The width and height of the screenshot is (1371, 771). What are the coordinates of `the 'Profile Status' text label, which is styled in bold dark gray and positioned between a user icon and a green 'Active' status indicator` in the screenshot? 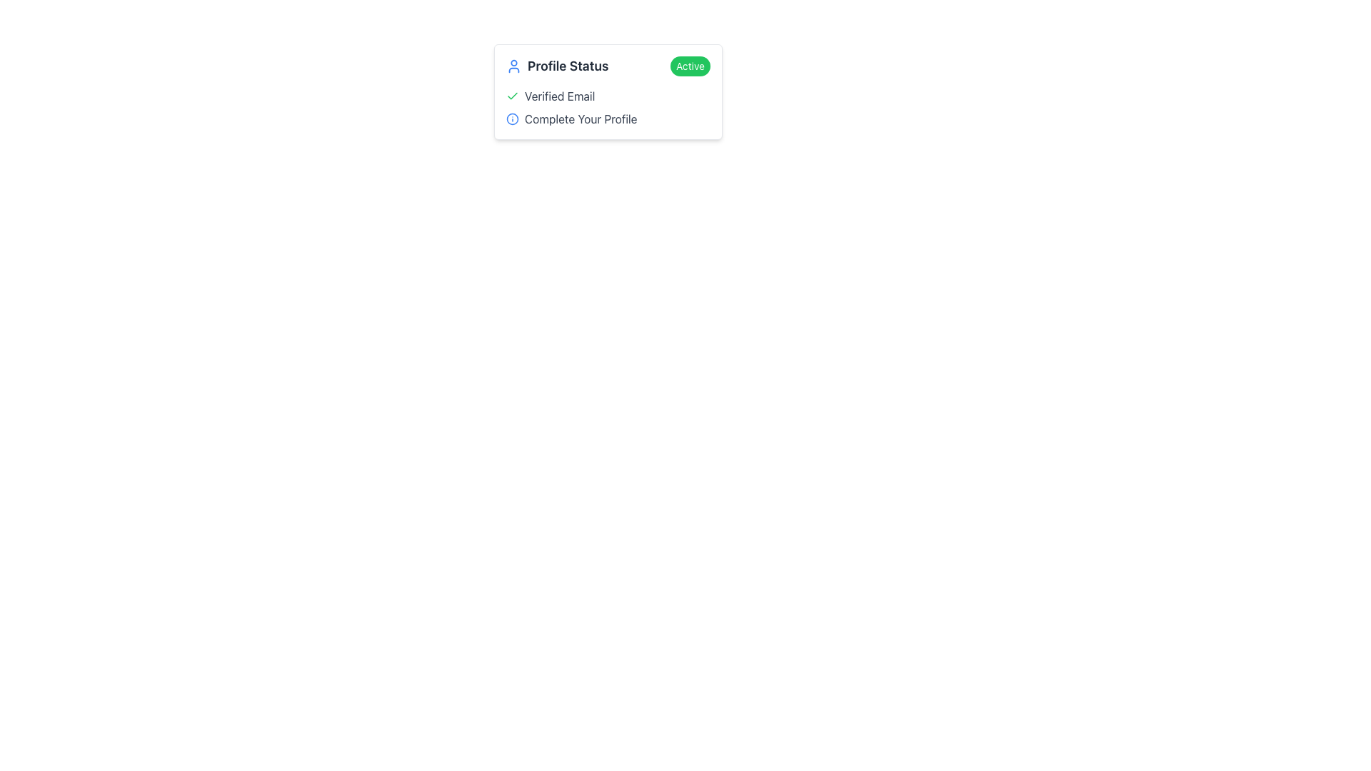 It's located at (567, 66).